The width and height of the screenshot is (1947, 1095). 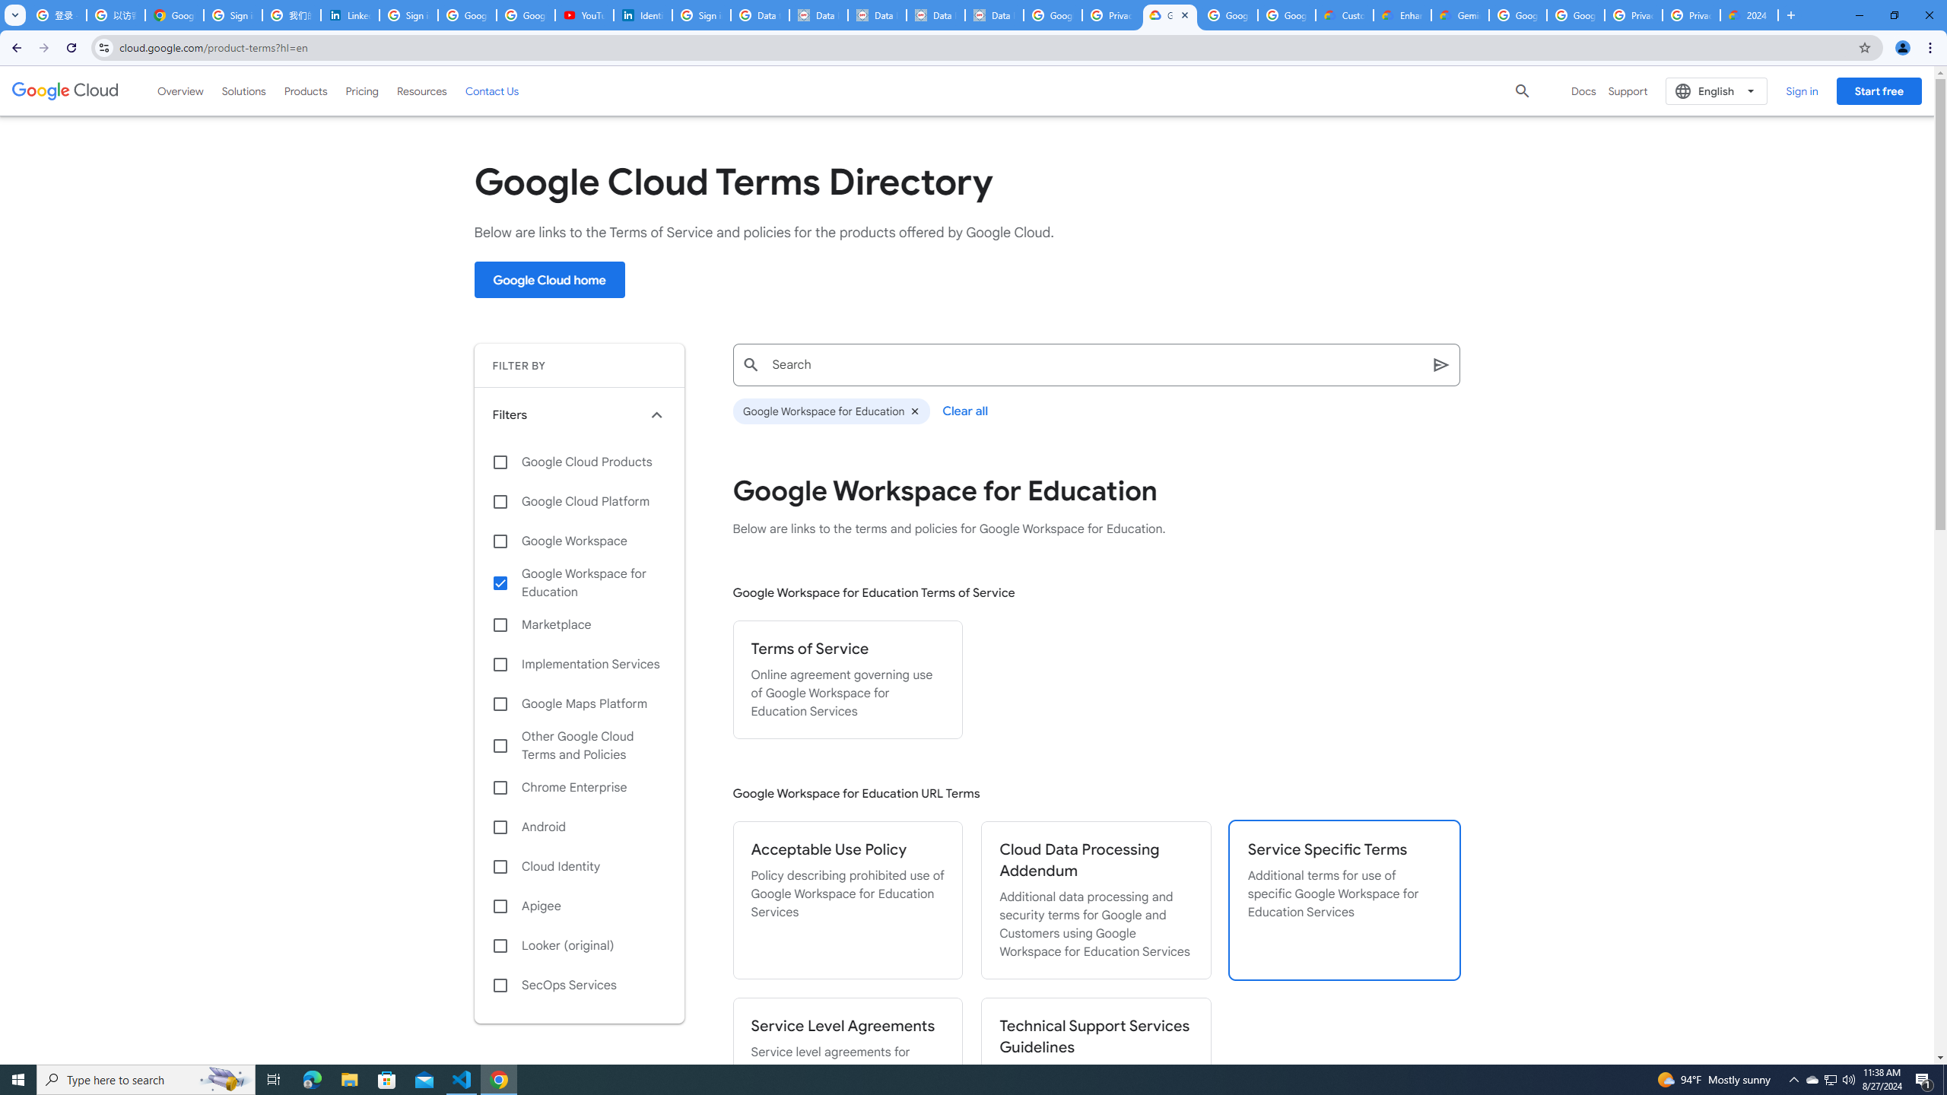 I want to click on 'Google Cloud Terms Directory | Google Cloud', so click(x=1169, y=14).